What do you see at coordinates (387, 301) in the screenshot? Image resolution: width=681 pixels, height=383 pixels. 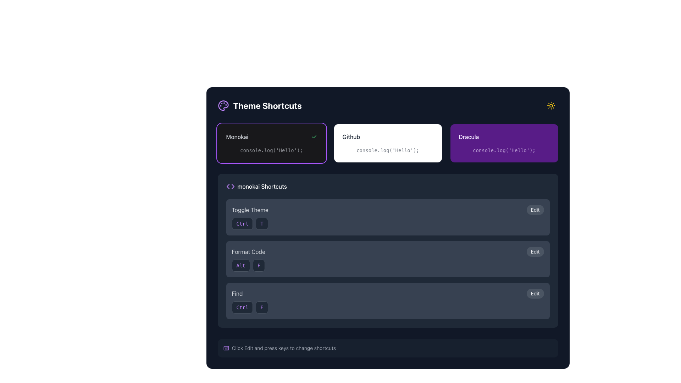 I see `displayed shortcut information for the 'Find' function, which is part of the Composite widget that includes an editable 'Edit' button and is positioned below 'Format Code'` at bounding box center [387, 301].